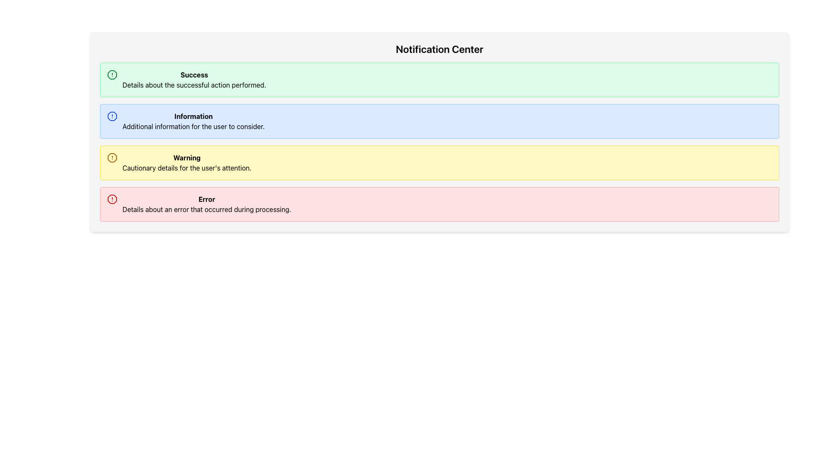  I want to click on the text element displaying 'Details about the successful action performed.' located beneath the 'Success' heading in the green notification box, so click(194, 85).